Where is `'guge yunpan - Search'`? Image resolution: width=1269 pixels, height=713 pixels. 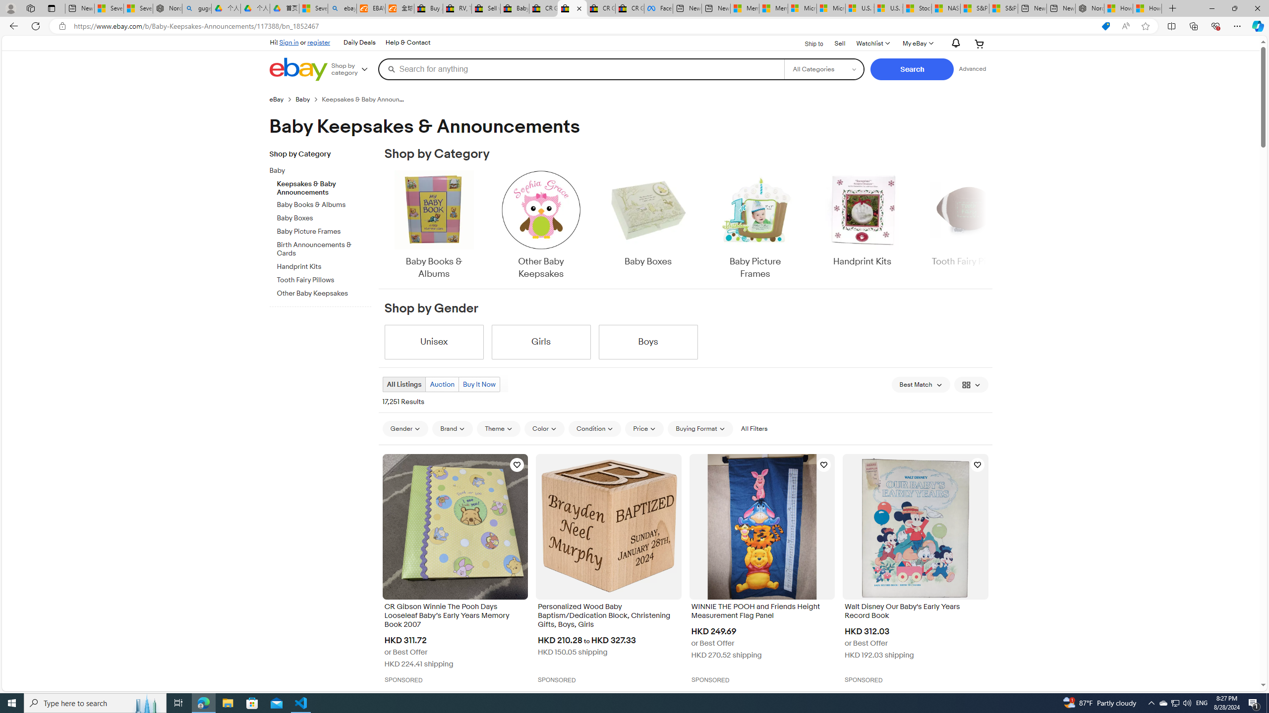
'guge yunpan - Search' is located at coordinates (196, 8).